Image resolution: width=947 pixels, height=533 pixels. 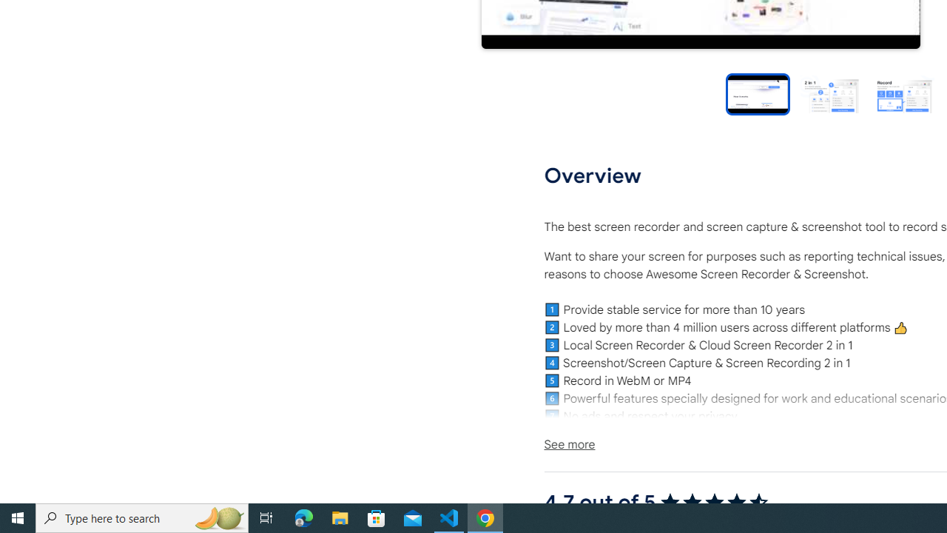 I want to click on 'Type here to search', so click(x=142, y=517).